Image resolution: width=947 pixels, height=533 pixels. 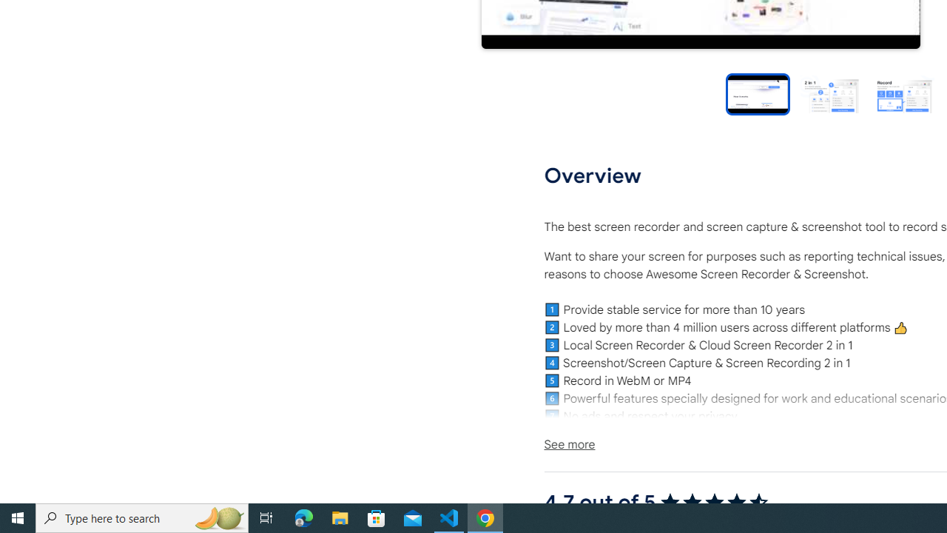 I want to click on 'Type here to search', so click(x=142, y=517).